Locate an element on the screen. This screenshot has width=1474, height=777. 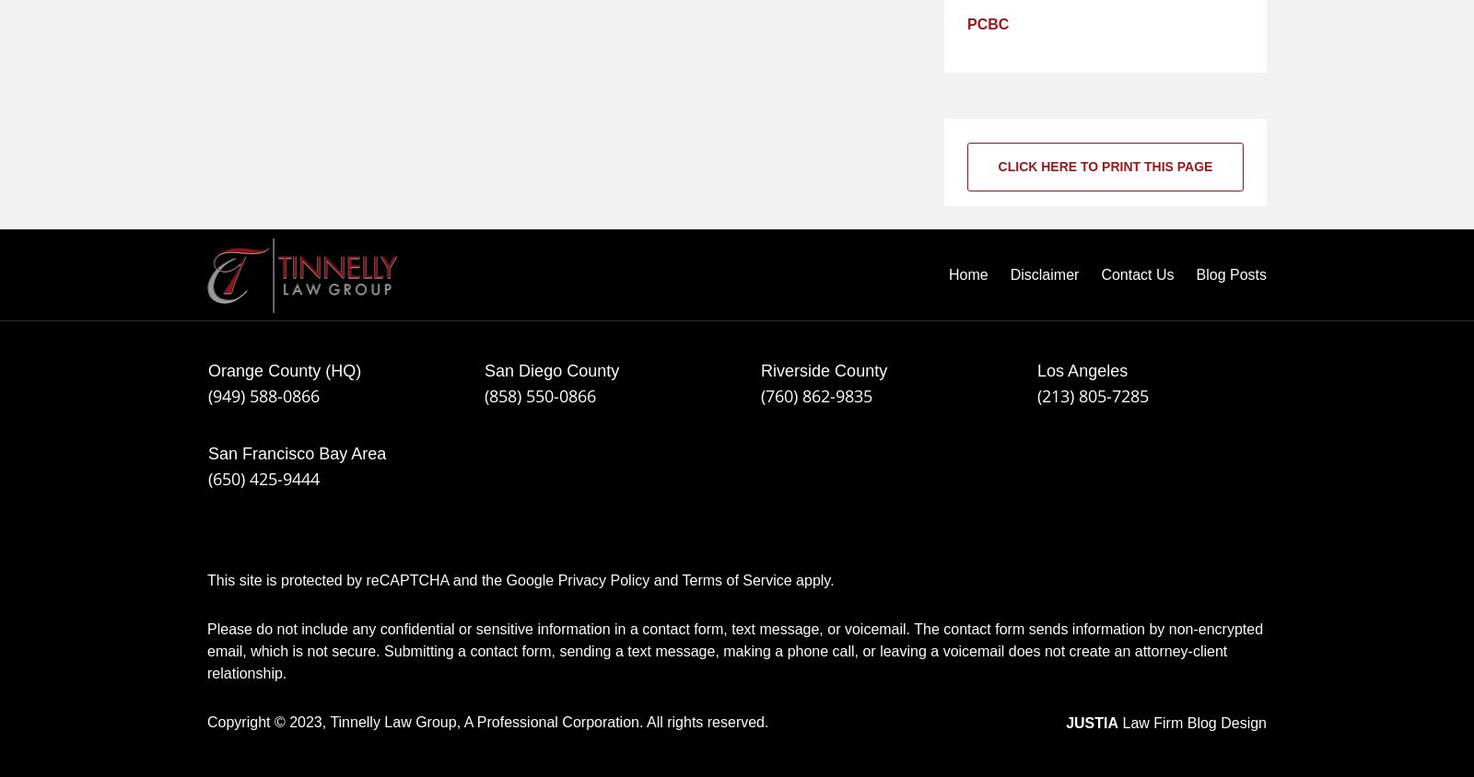
'Tinnelly Law Group, A Professional Corporation. All rights reserved.' is located at coordinates (548, 721).